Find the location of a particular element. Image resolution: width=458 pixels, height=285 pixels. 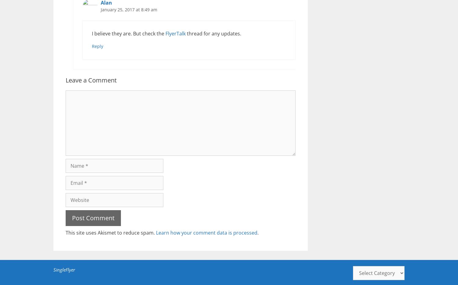

'Leave a Comment' is located at coordinates (65, 80).